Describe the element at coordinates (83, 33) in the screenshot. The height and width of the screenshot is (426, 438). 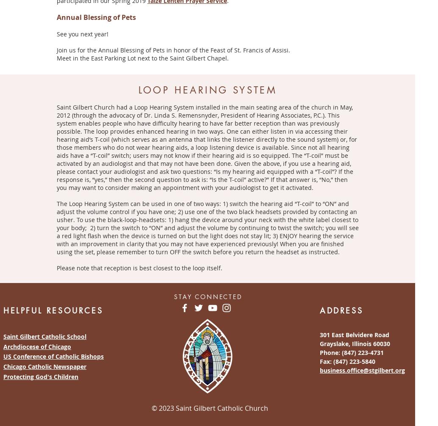
I see `'See you next year!'` at that location.